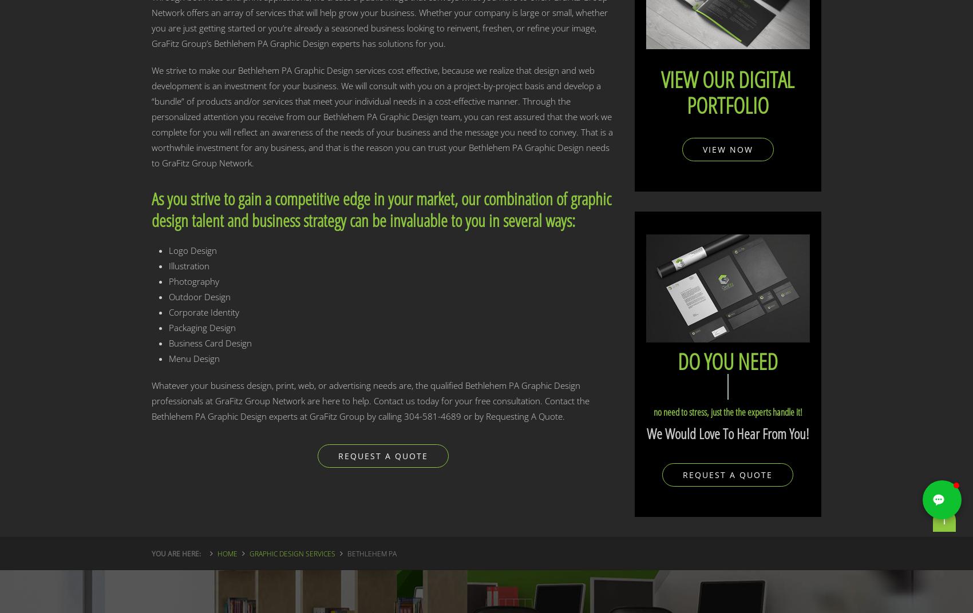  I want to click on 'VIEW OUR DIGITAL PORTFOLIO', so click(727, 91).